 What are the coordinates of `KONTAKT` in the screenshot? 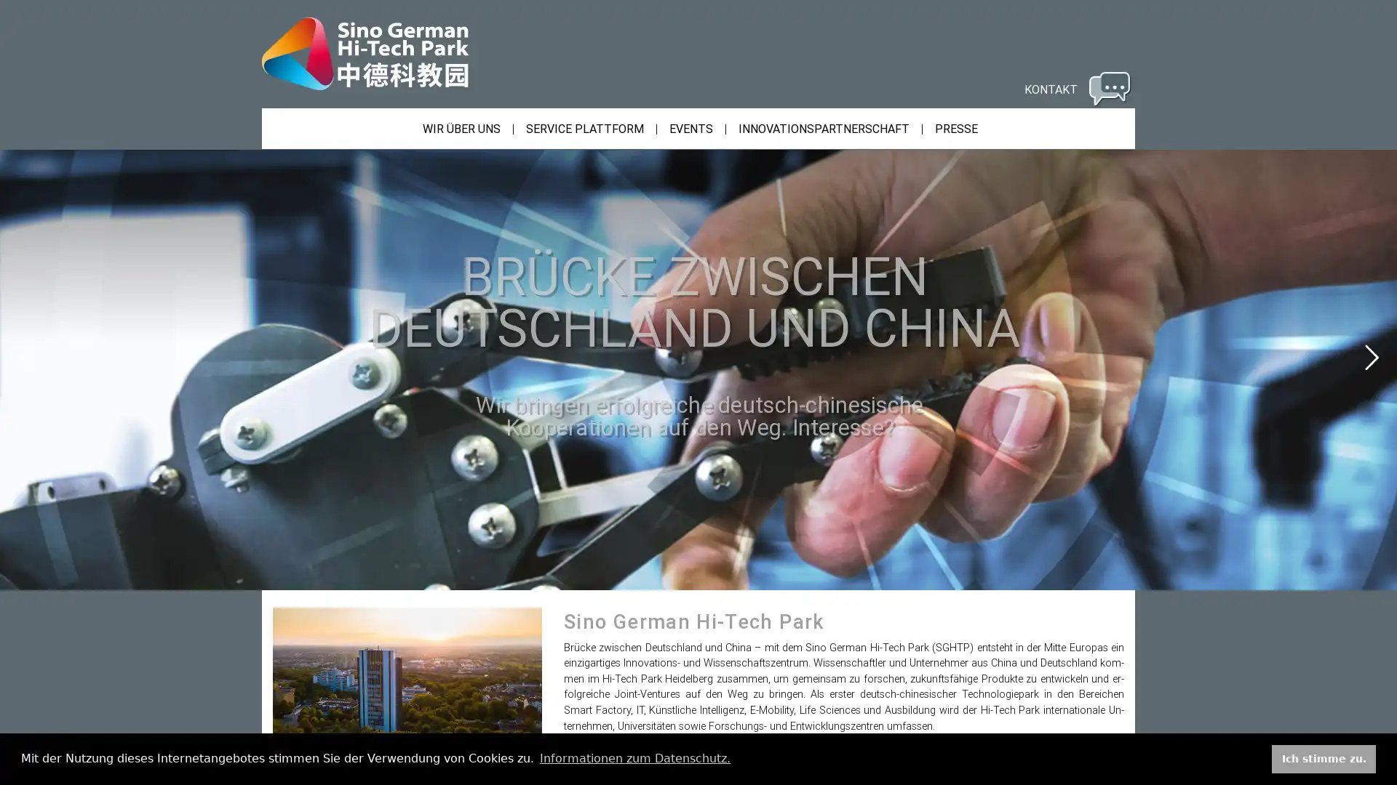 It's located at (1075, 89).